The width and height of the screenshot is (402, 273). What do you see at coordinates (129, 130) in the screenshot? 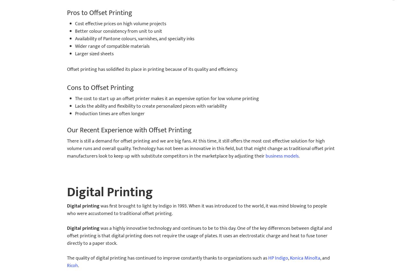
I see `'Our Recent Experience with Offset Printing'` at bounding box center [129, 130].